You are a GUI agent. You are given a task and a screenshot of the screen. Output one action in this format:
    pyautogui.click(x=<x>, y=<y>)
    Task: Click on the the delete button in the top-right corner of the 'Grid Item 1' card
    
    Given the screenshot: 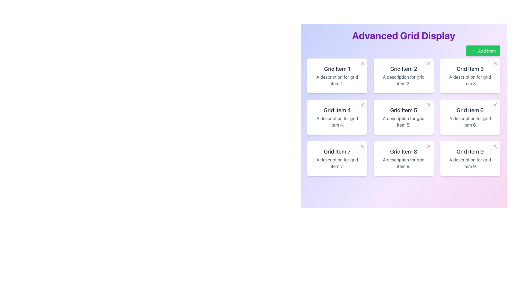 What is the action you would take?
    pyautogui.click(x=362, y=63)
    